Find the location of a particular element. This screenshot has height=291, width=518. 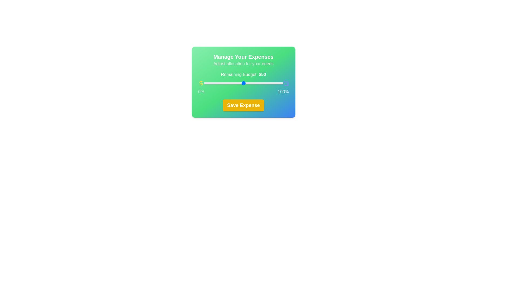

the slider to set the budget allocation to 74% is located at coordinates (263, 83).